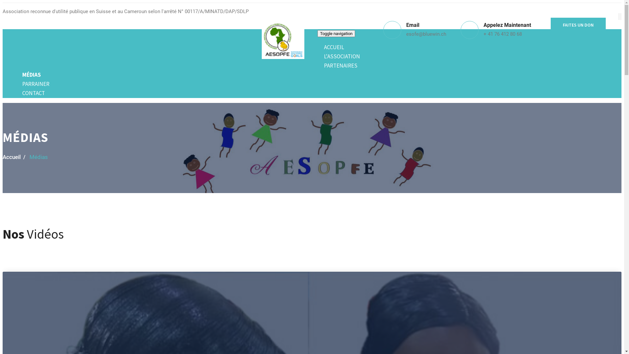 The height and width of the screenshot is (354, 629). I want to click on 'Accueil  /', so click(14, 157).